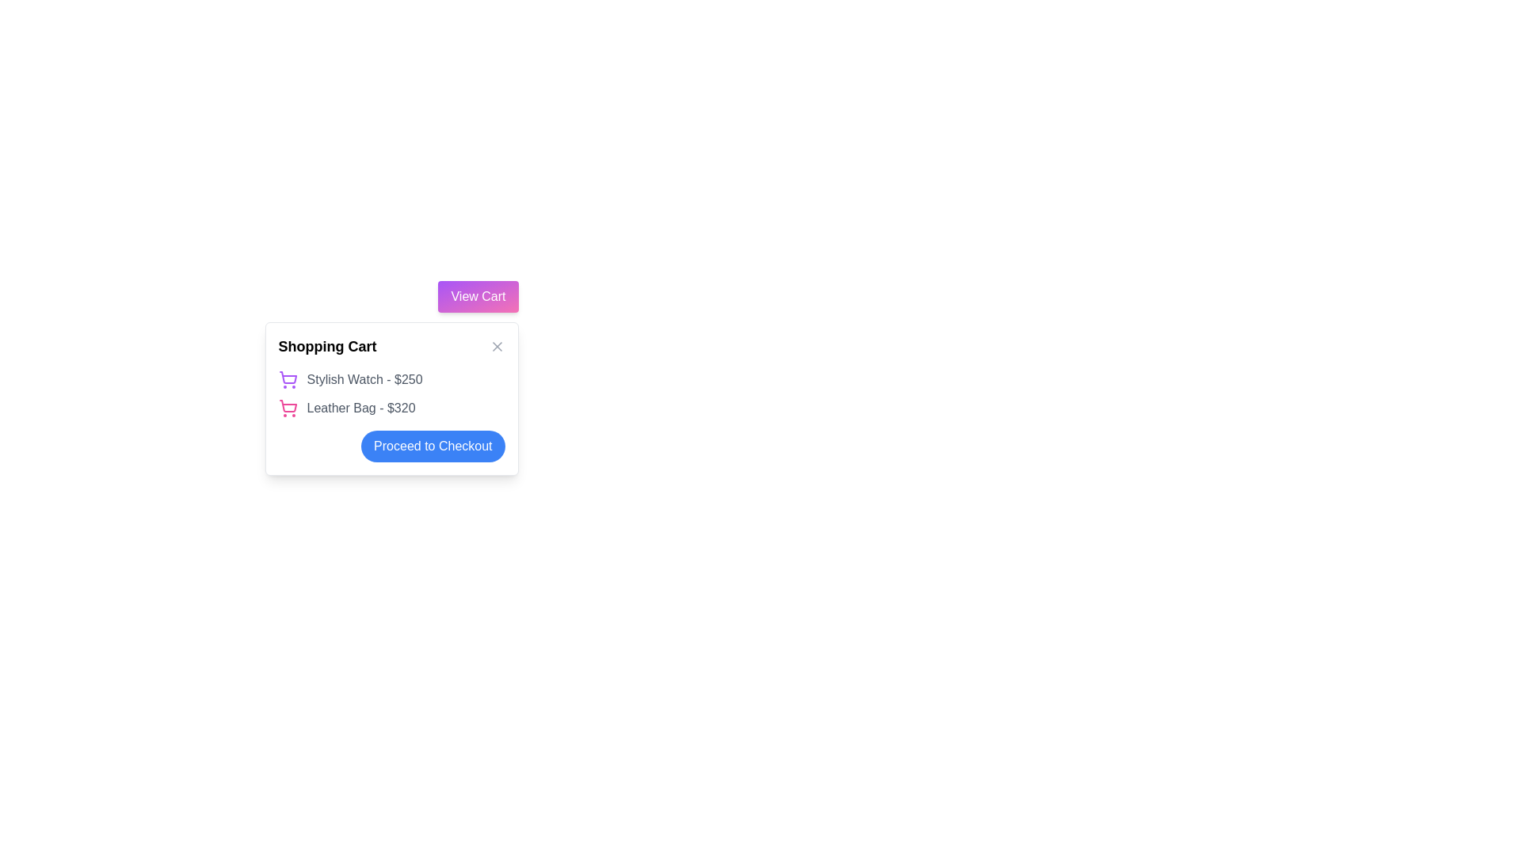 Image resolution: width=1521 pixels, height=855 pixels. I want to click on the 'X' shaped SVG graphical element used for close or cancel operations, located in the top-right corner of the shopping cart interface, so click(496, 346).